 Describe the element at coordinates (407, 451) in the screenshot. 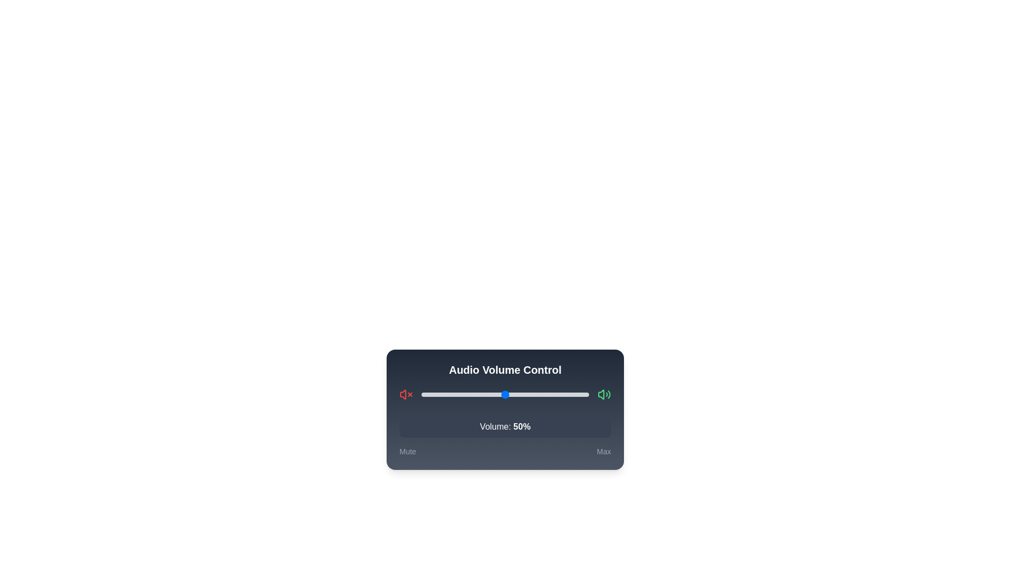

I see `the 'Mute' text label` at that location.